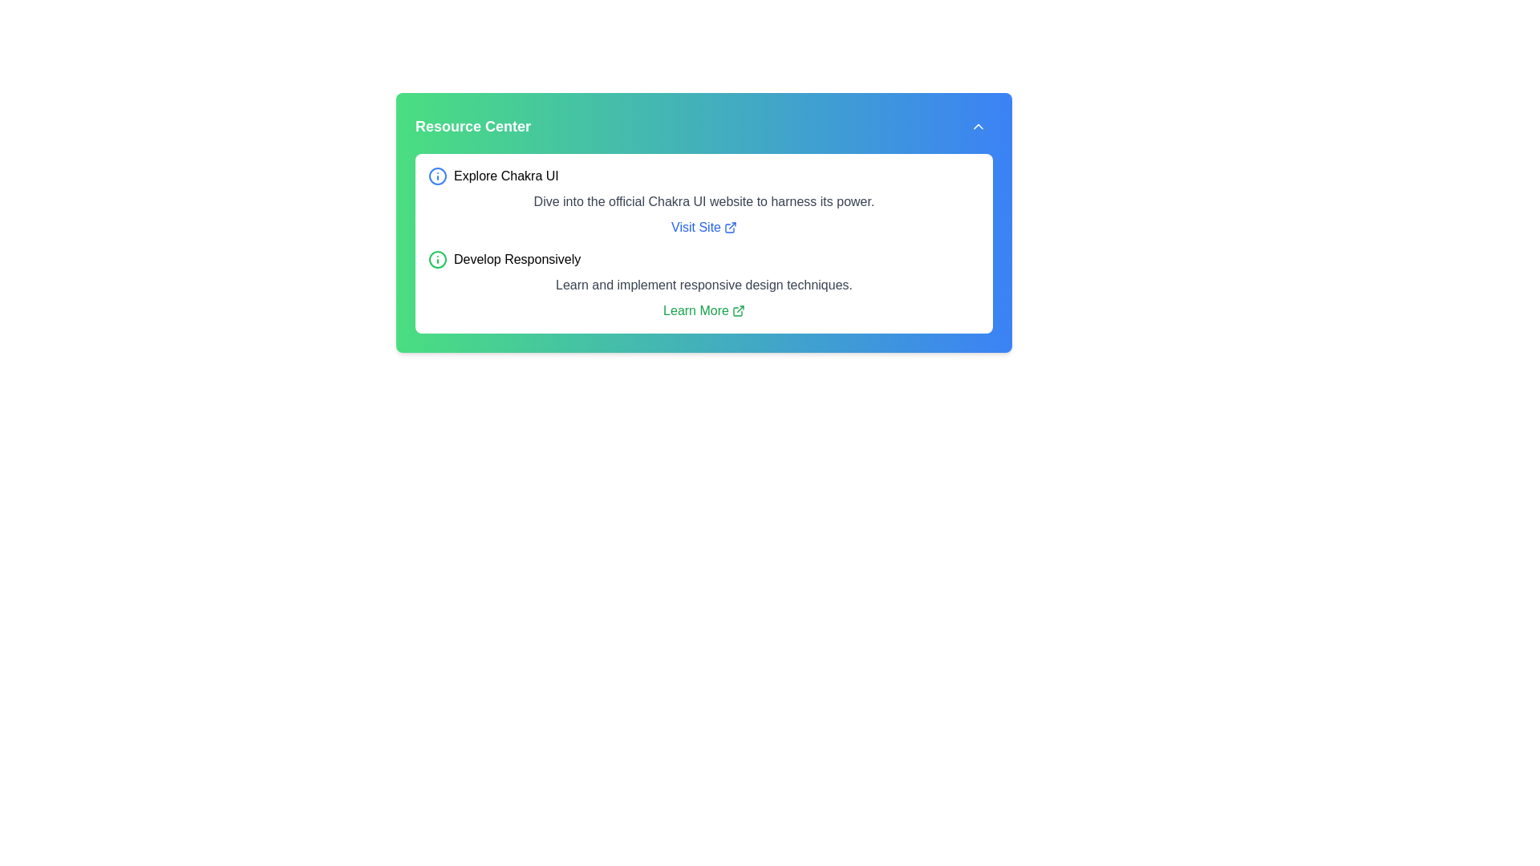 The image size is (1540, 866). I want to click on the text snippet reading 'Learn and implement responsive design techniques.' located under the 'Develop Responsively' heading in the 'Resource Center' section, so click(704, 284).